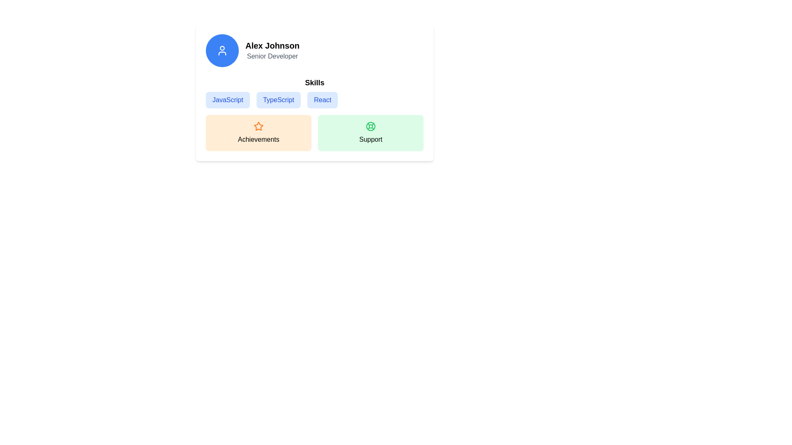  What do you see at coordinates (258, 126) in the screenshot?
I see `the star icon located in the 'Achievements' card in the lower left corner, which signifies achievements or awards` at bounding box center [258, 126].